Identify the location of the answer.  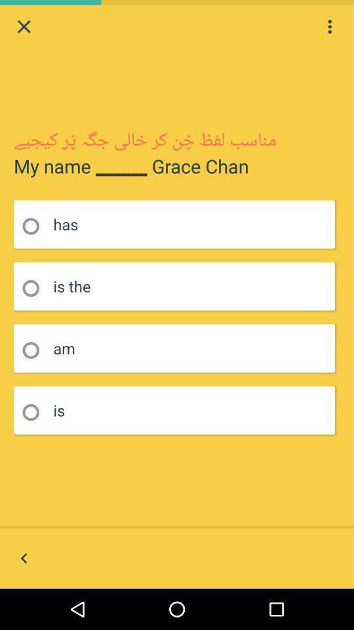
(35, 288).